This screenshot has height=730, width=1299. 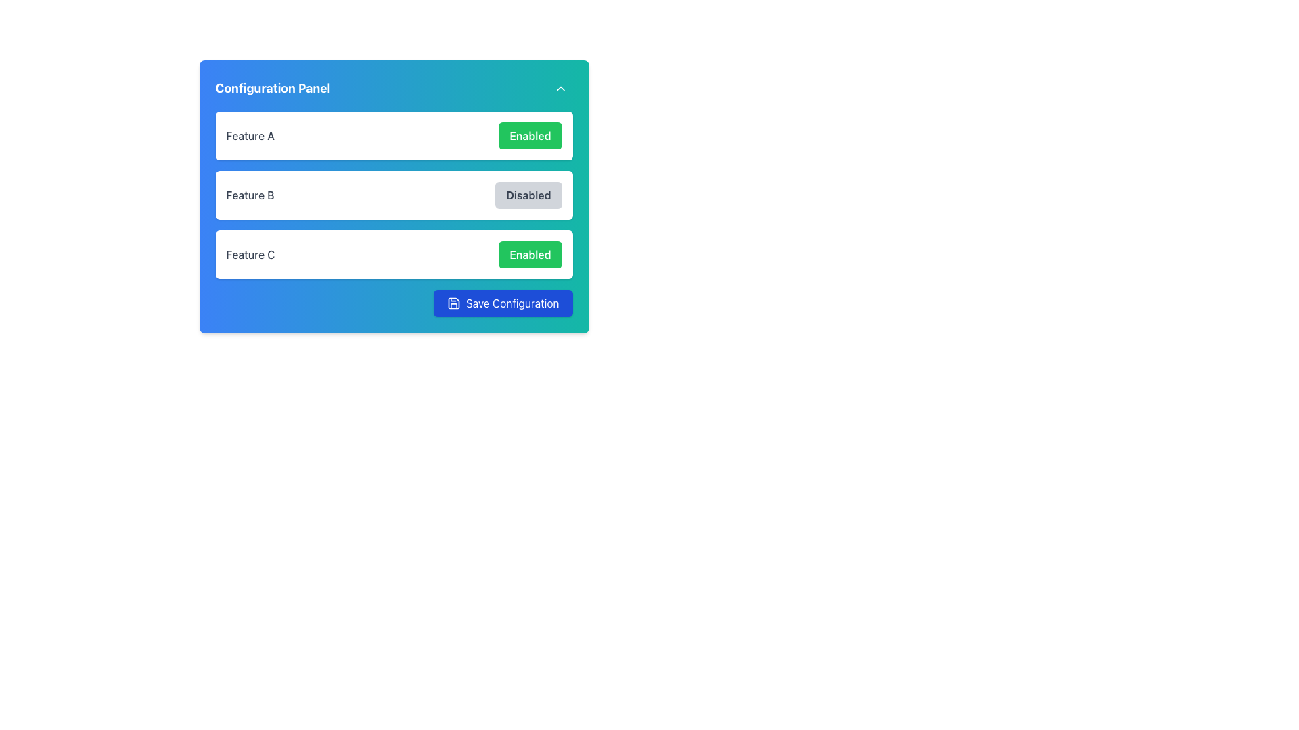 I want to click on the 'Disabled' button in the Feature B configuration row, so click(x=393, y=196).